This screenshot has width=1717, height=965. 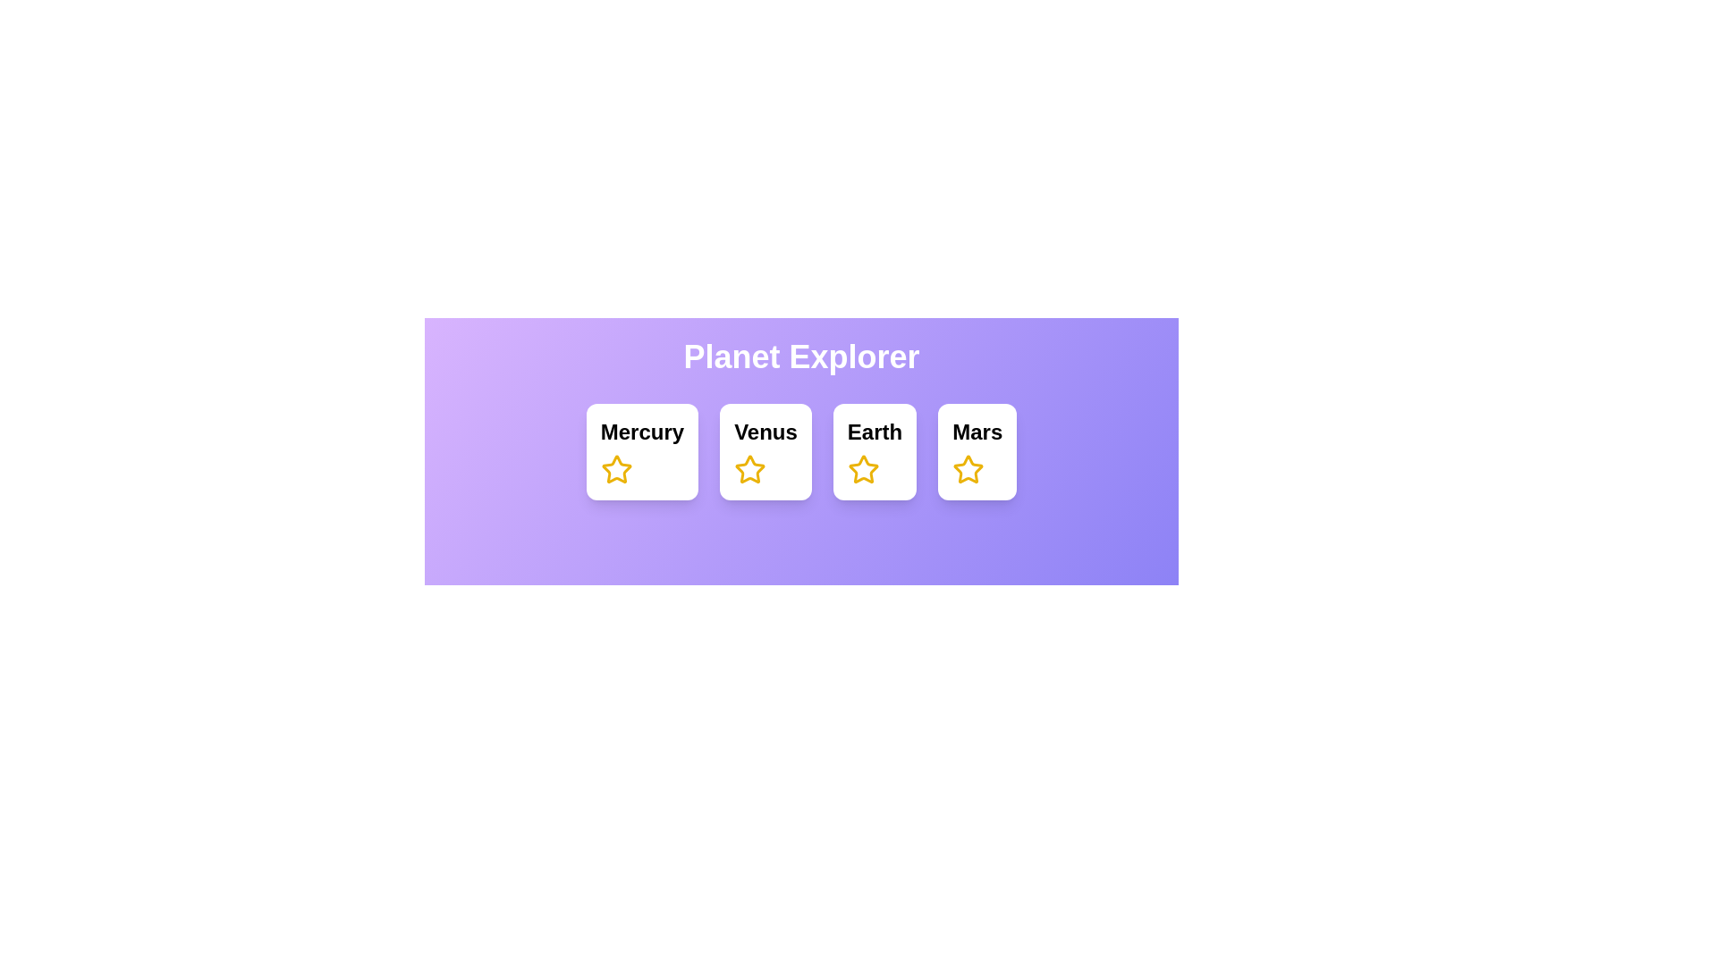 What do you see at coordinates (765, 450) in the screenshot?
I see `the 'Venus' card in the planet explorer interface, which is the second card in a row of four cards` at bounding box center [765, 450].